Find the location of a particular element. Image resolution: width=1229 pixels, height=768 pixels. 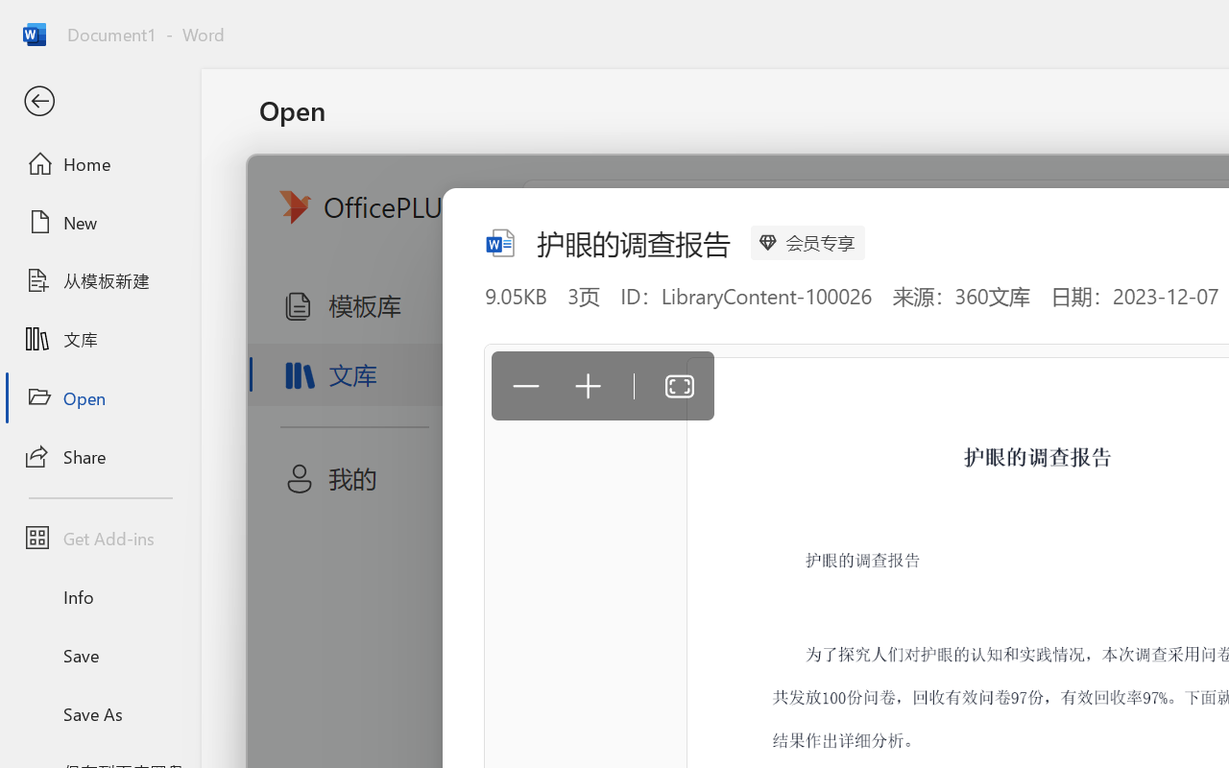

'Save As' is located at coordinates (99, 713).